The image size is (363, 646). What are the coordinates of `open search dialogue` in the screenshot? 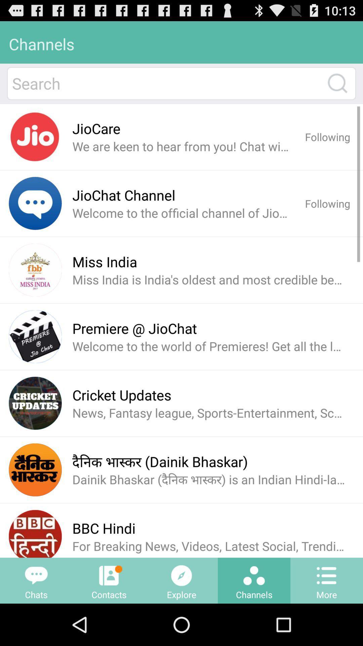 It's located at (337, 83).